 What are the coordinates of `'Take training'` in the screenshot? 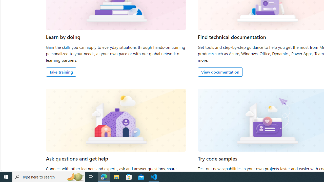 It's located at (61, 72).